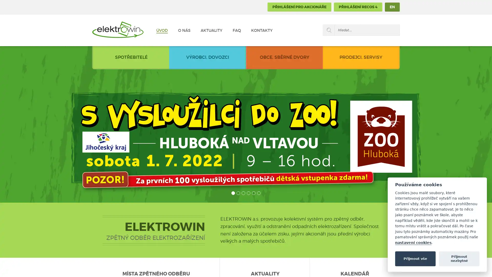 This screenshot has height=277, width=492. What do you see at coordinates (329, 30) in the screenshot?
I see `Hledat` at bounding box center [329, 30].